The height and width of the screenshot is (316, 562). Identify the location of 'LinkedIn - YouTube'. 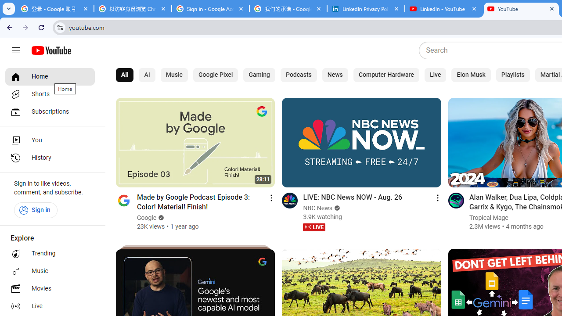
(443, 9).